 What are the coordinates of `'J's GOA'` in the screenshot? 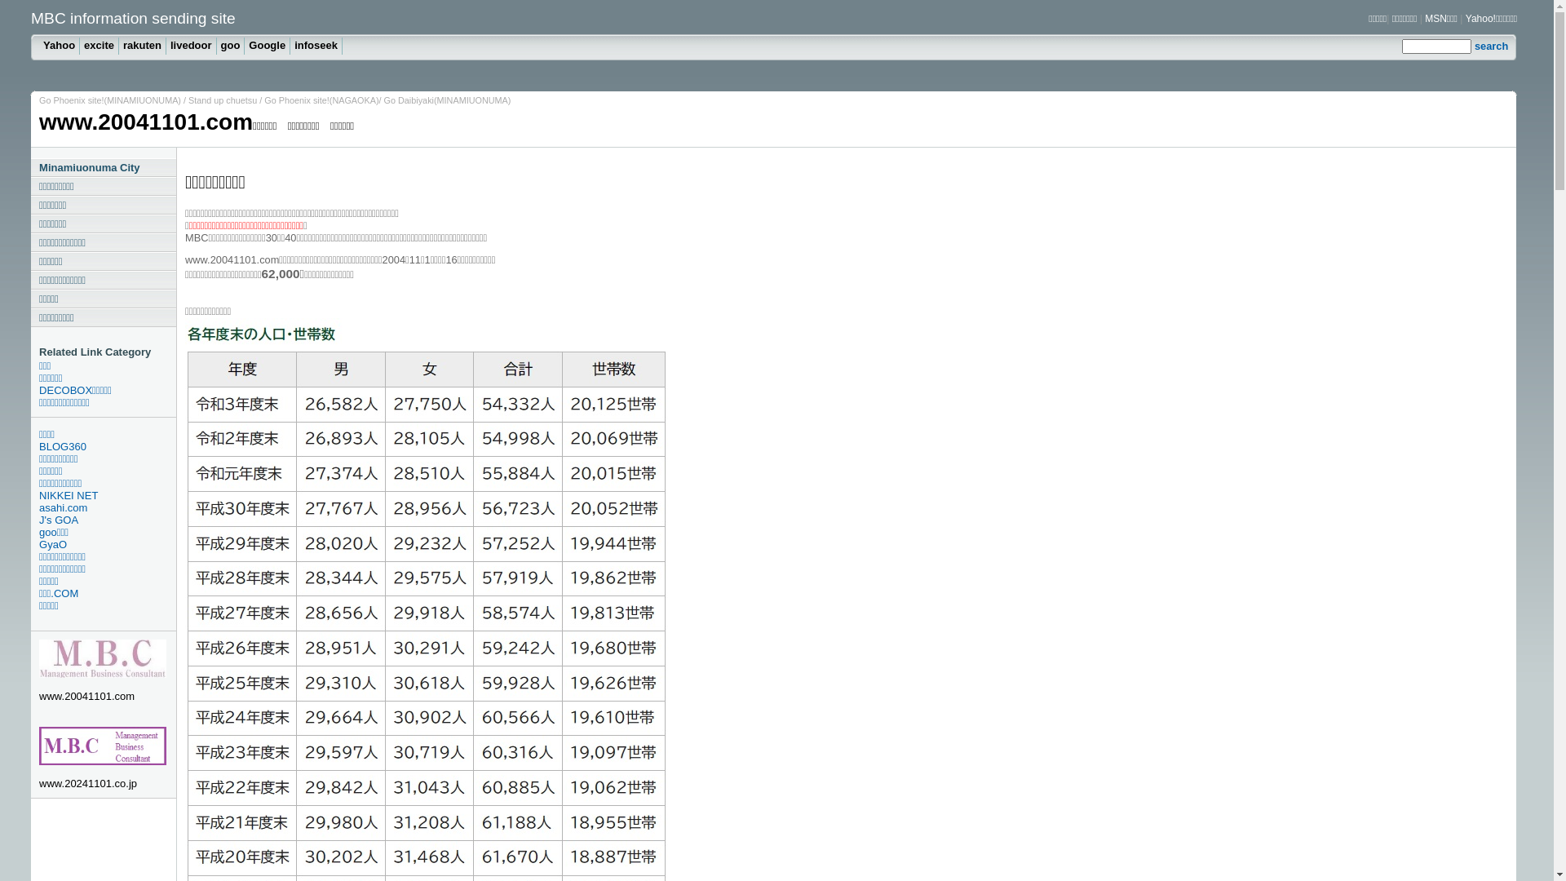 It's located at (39, 520).